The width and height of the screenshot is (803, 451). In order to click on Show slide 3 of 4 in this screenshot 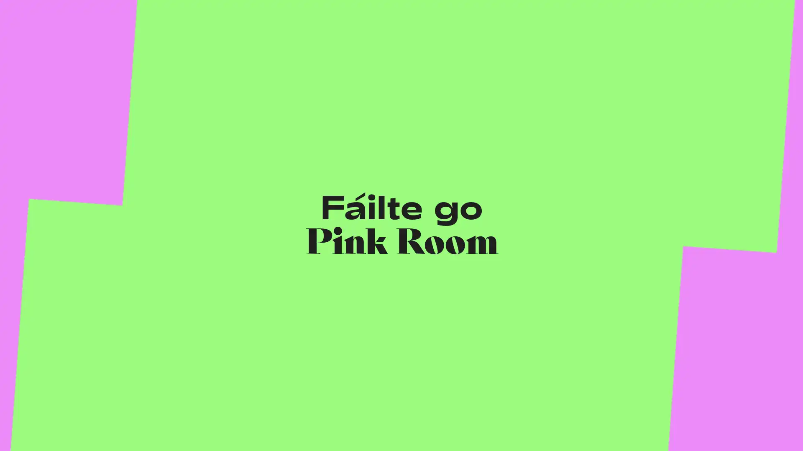, I will do `click(311, 220)`.